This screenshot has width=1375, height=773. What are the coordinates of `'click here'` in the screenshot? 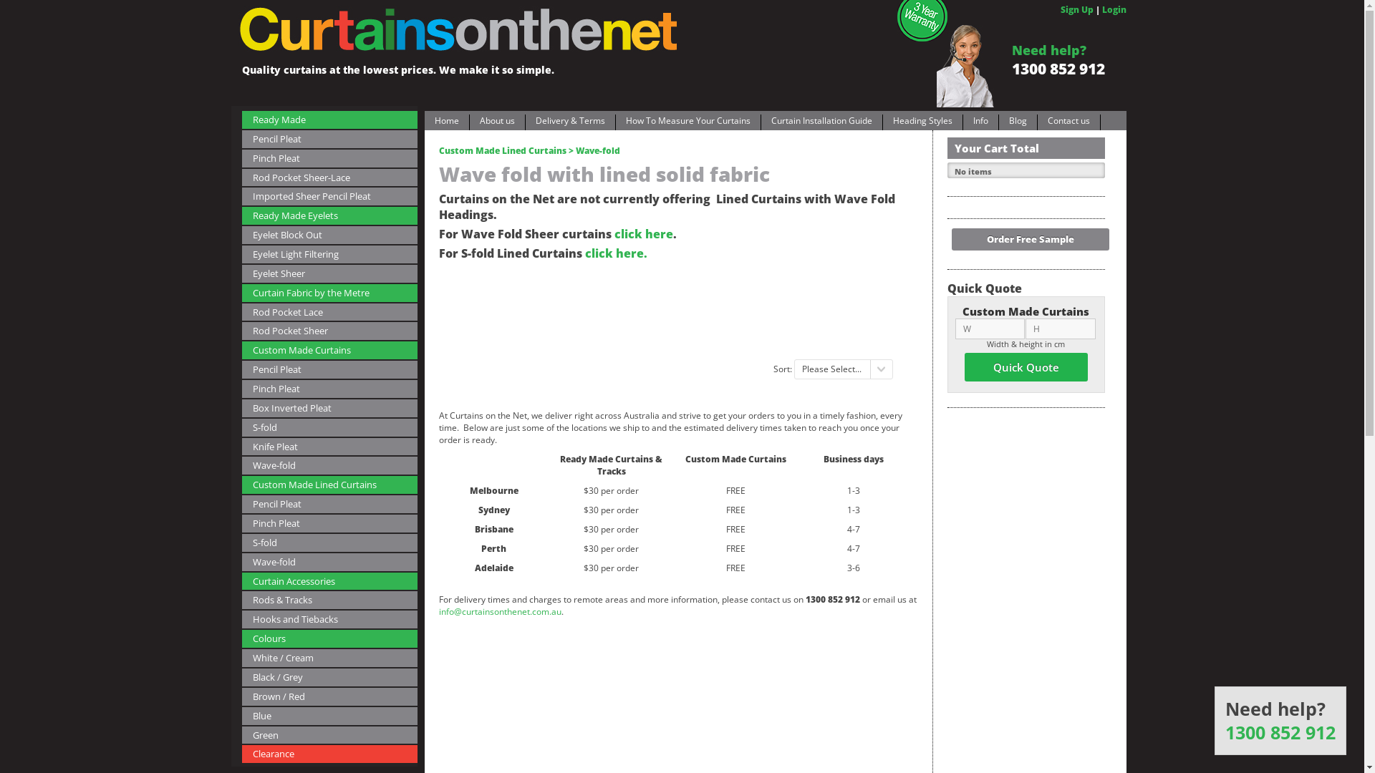 It's located at (614, 233).